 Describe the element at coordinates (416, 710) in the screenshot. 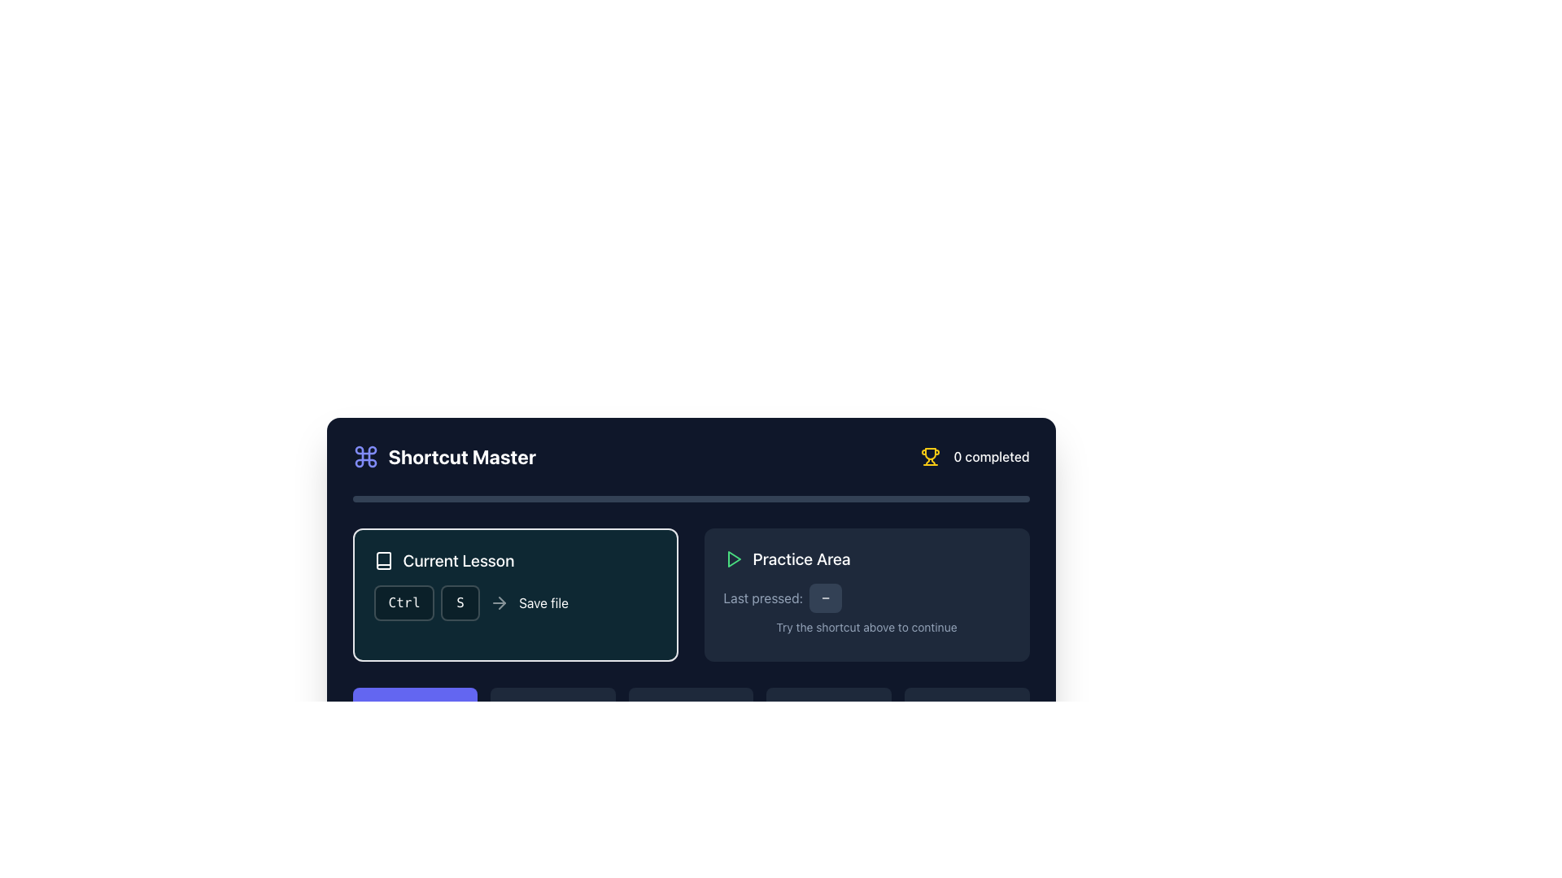

I see `the triangular SVG element with a thin white stroke, located slightly to the right and below the blue panel labeled 'Current Lesson'` at that location.